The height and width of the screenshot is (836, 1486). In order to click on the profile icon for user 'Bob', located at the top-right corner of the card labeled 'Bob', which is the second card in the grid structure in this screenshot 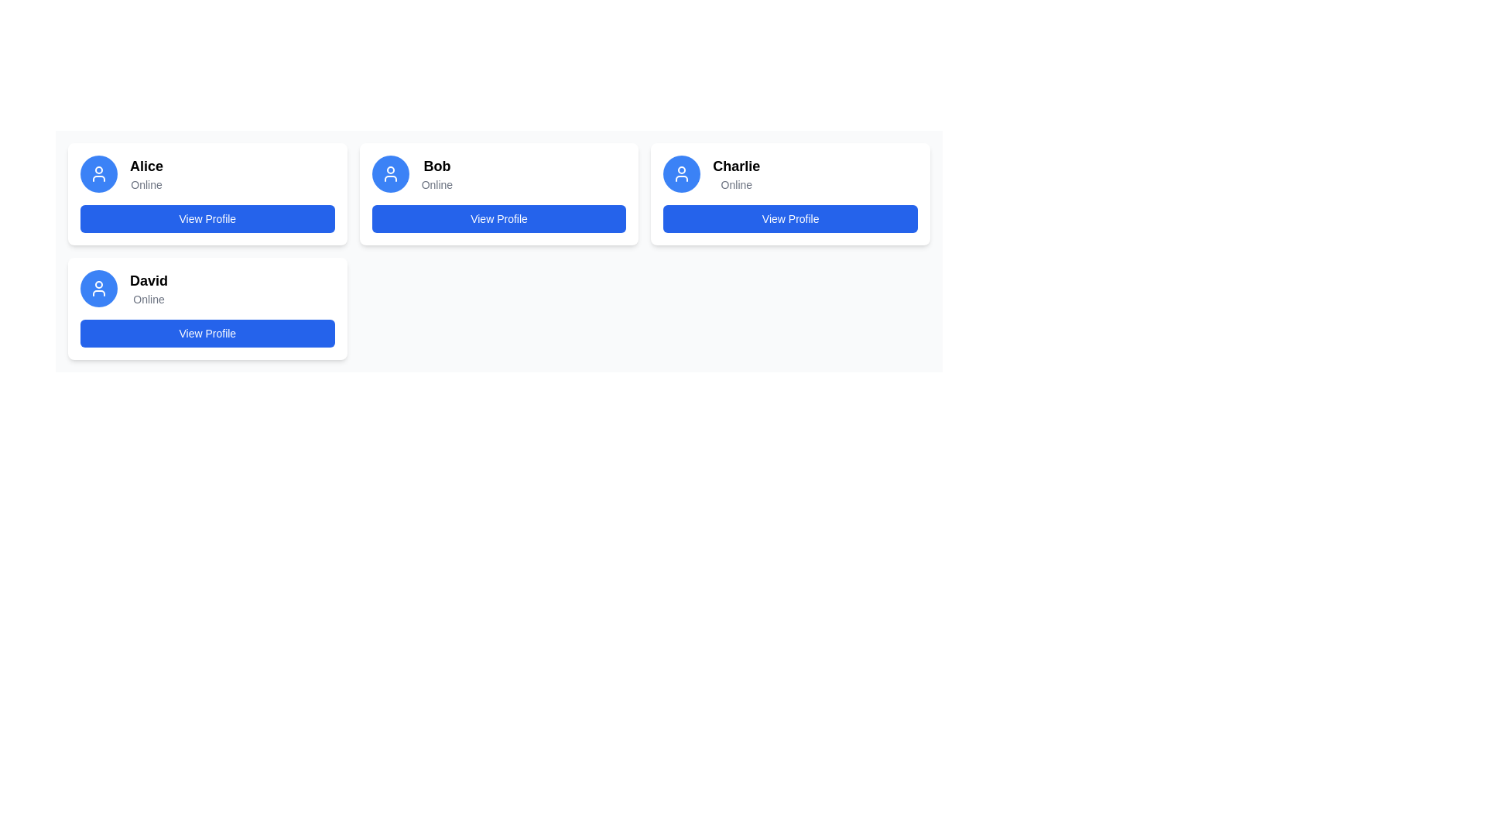, I will do `click(390, 173)`.